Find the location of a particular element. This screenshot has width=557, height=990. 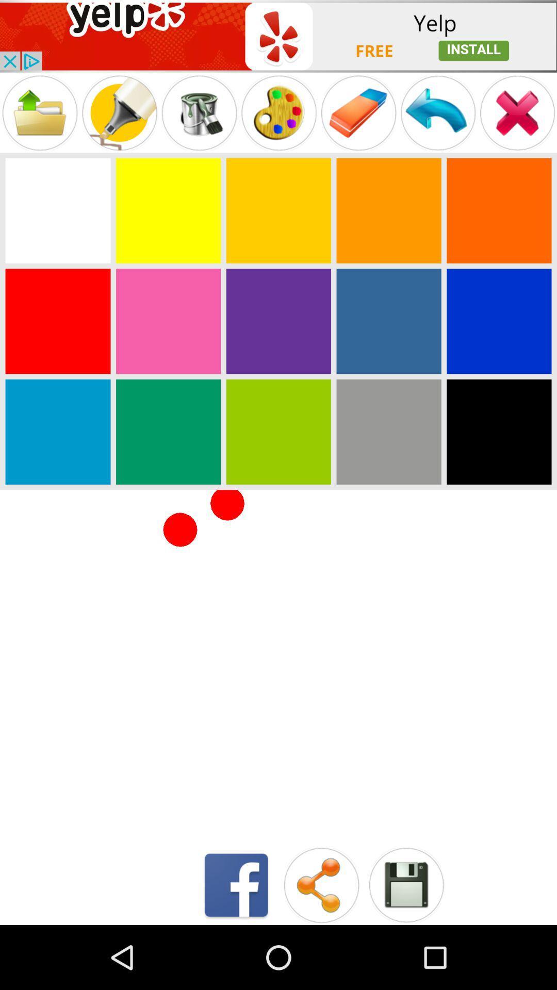

advertisement source is located at coordinates (278, 36).